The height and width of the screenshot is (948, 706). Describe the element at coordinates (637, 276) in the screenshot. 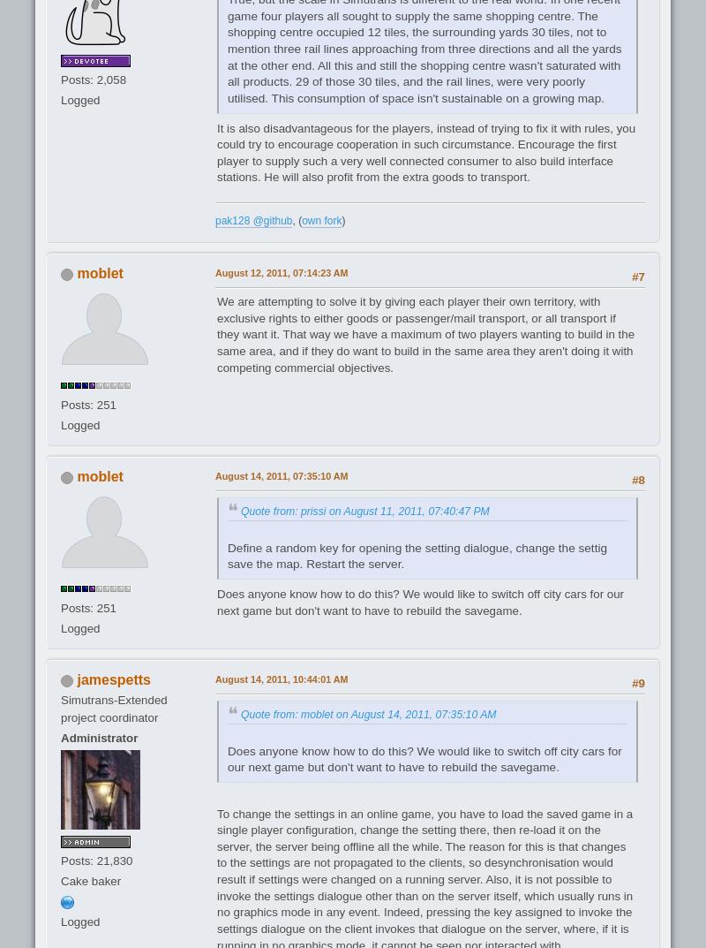

I see `'#7'` at that location.